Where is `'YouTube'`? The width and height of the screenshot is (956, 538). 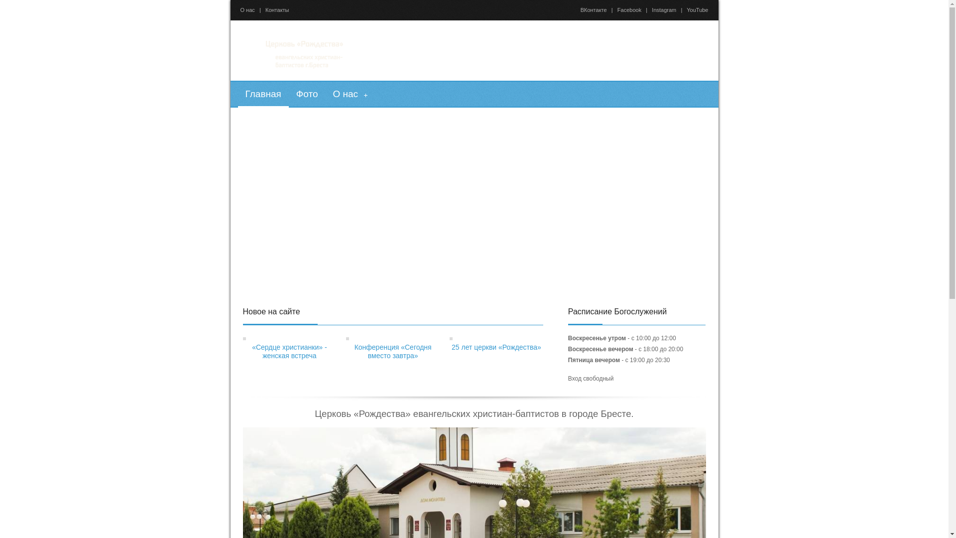 'YouTube' is located at coordinates (697, 9).